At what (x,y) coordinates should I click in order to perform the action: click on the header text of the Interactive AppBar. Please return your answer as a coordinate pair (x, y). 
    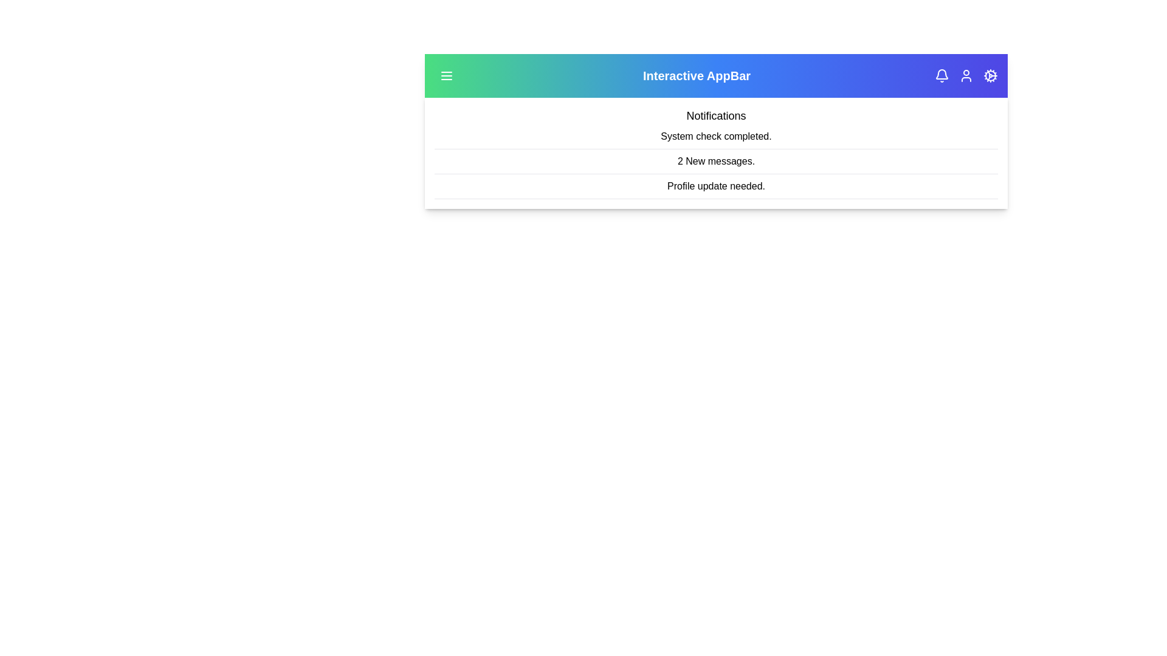
    Looking at the image, I should click on (697, 75).